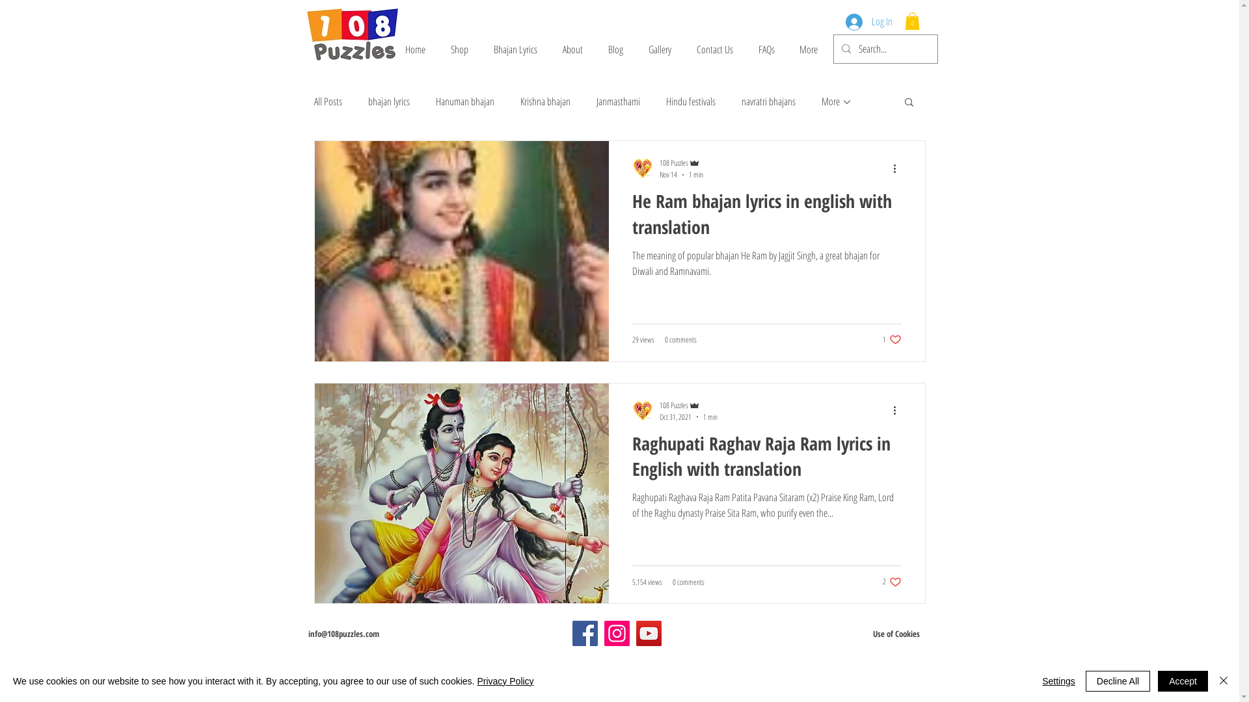 The image size is (1249, 702). I want to click on 'info@108puzzles.com', so click(343, 633).